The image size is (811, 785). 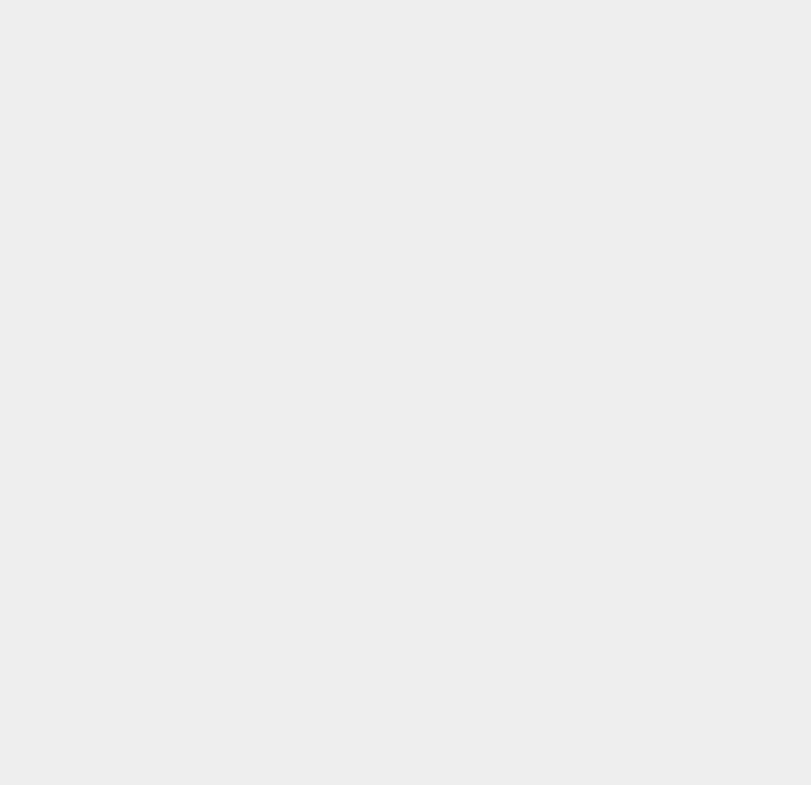 What do you see at coordinates (574, 56) in the screenshot?
I see `'Doodle'` at bounding box center [574, 56].